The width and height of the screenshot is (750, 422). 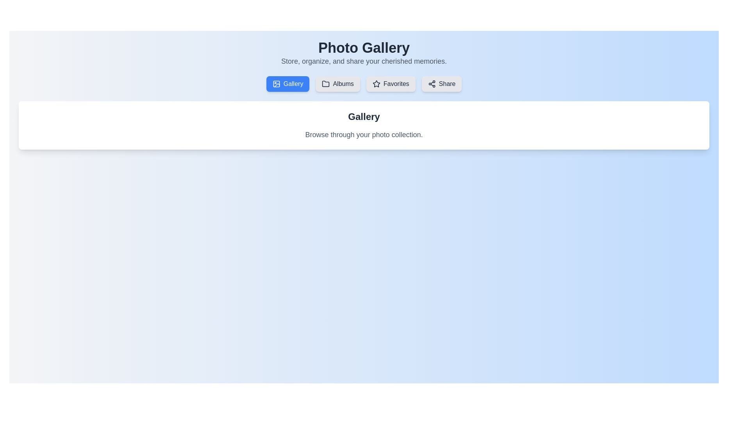 I want to click on the tab labeled Albums, so click(x=337, y=84).